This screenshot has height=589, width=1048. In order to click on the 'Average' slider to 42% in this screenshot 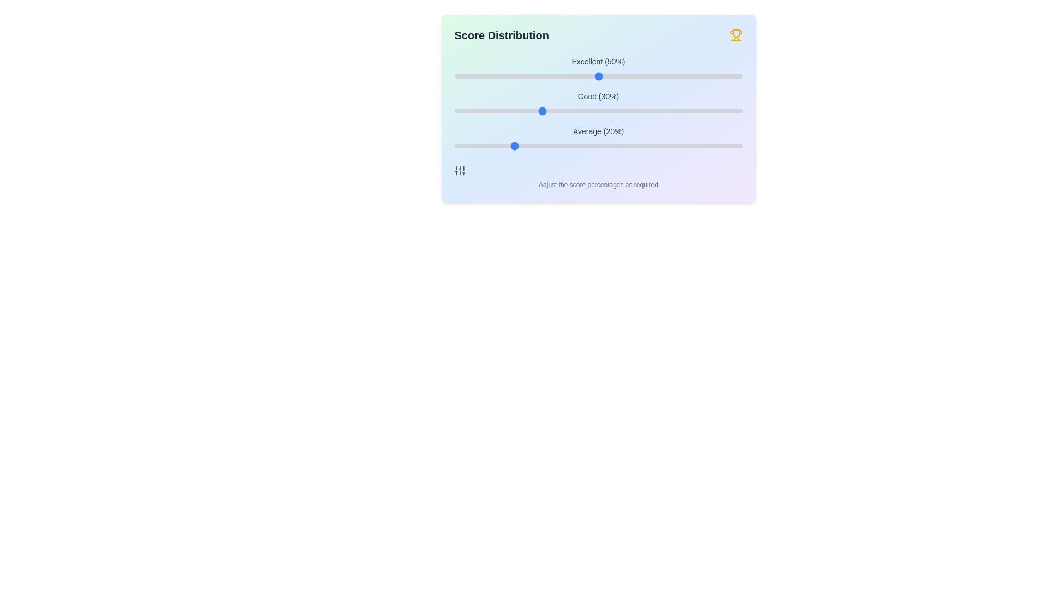, I will do `click(575, 145)`.